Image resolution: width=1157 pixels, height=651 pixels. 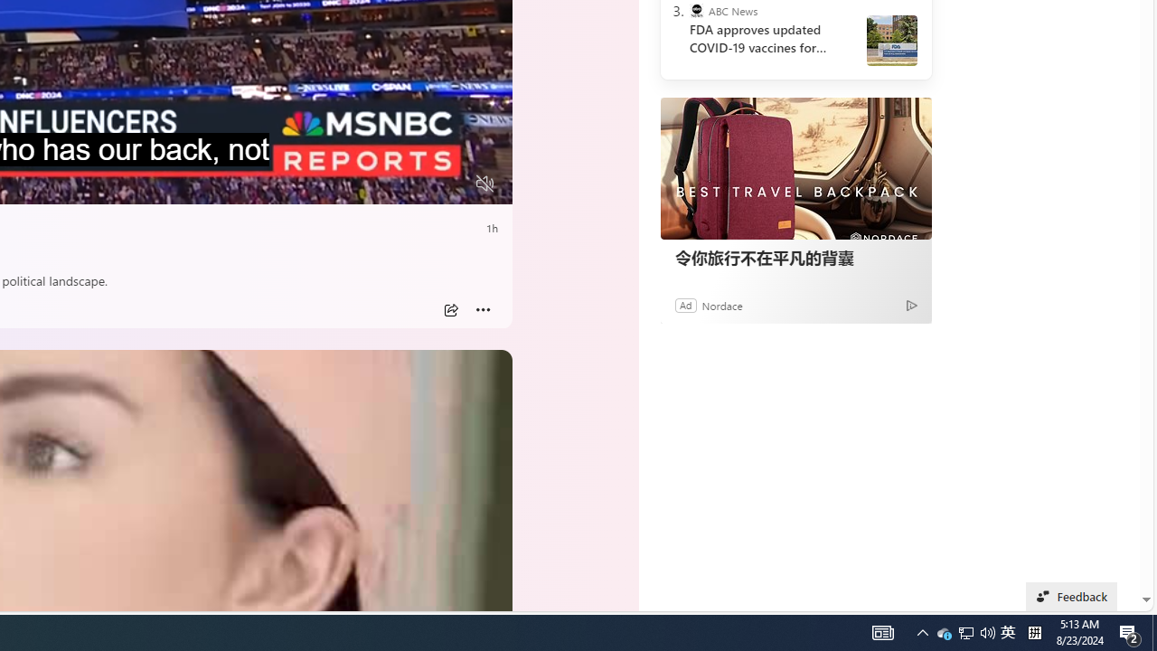 I want to click on 'Share', so click(x=450, y=309).